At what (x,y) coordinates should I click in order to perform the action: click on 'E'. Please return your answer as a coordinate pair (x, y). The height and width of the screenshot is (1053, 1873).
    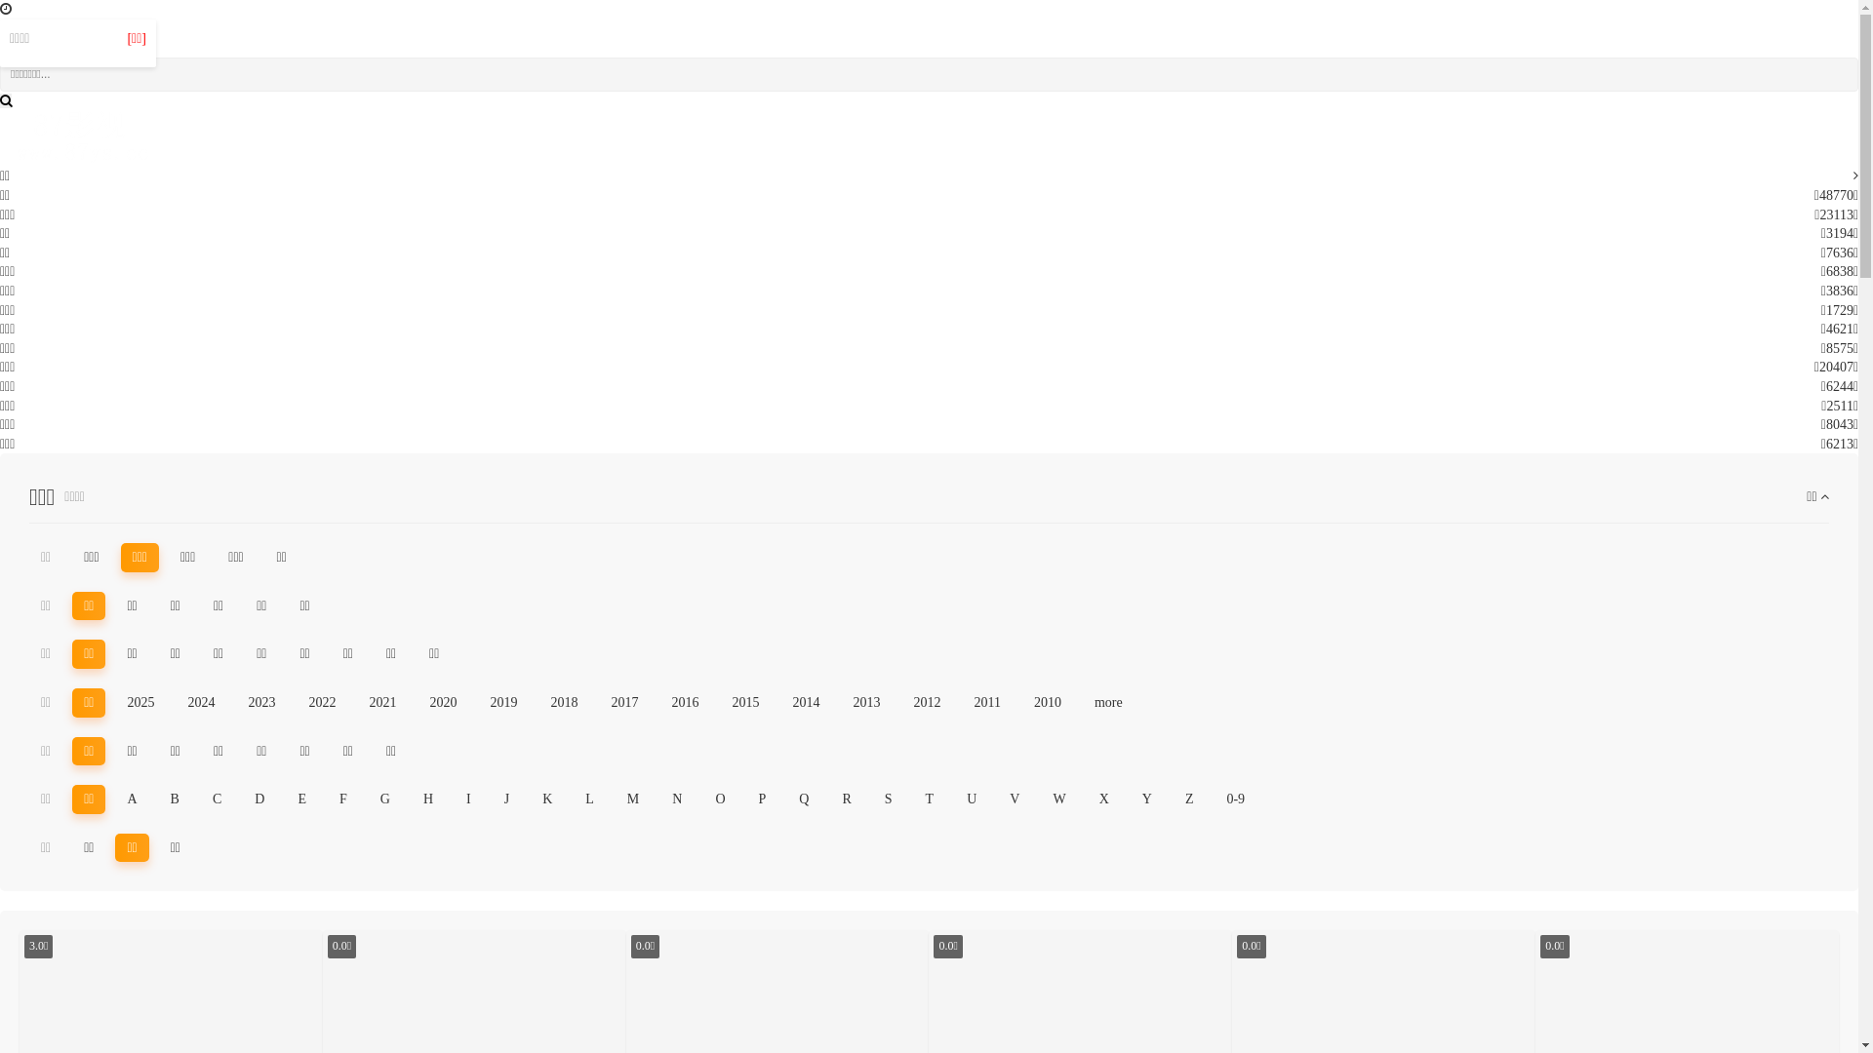
    Looking at the image, I should click on (300, 799).